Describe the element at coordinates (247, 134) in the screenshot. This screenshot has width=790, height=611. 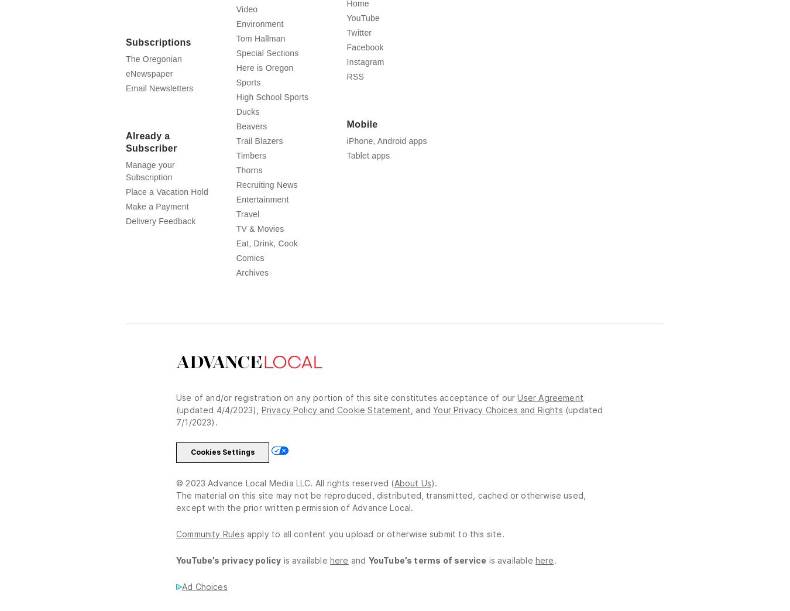
I see `'Ducks'` at that location.